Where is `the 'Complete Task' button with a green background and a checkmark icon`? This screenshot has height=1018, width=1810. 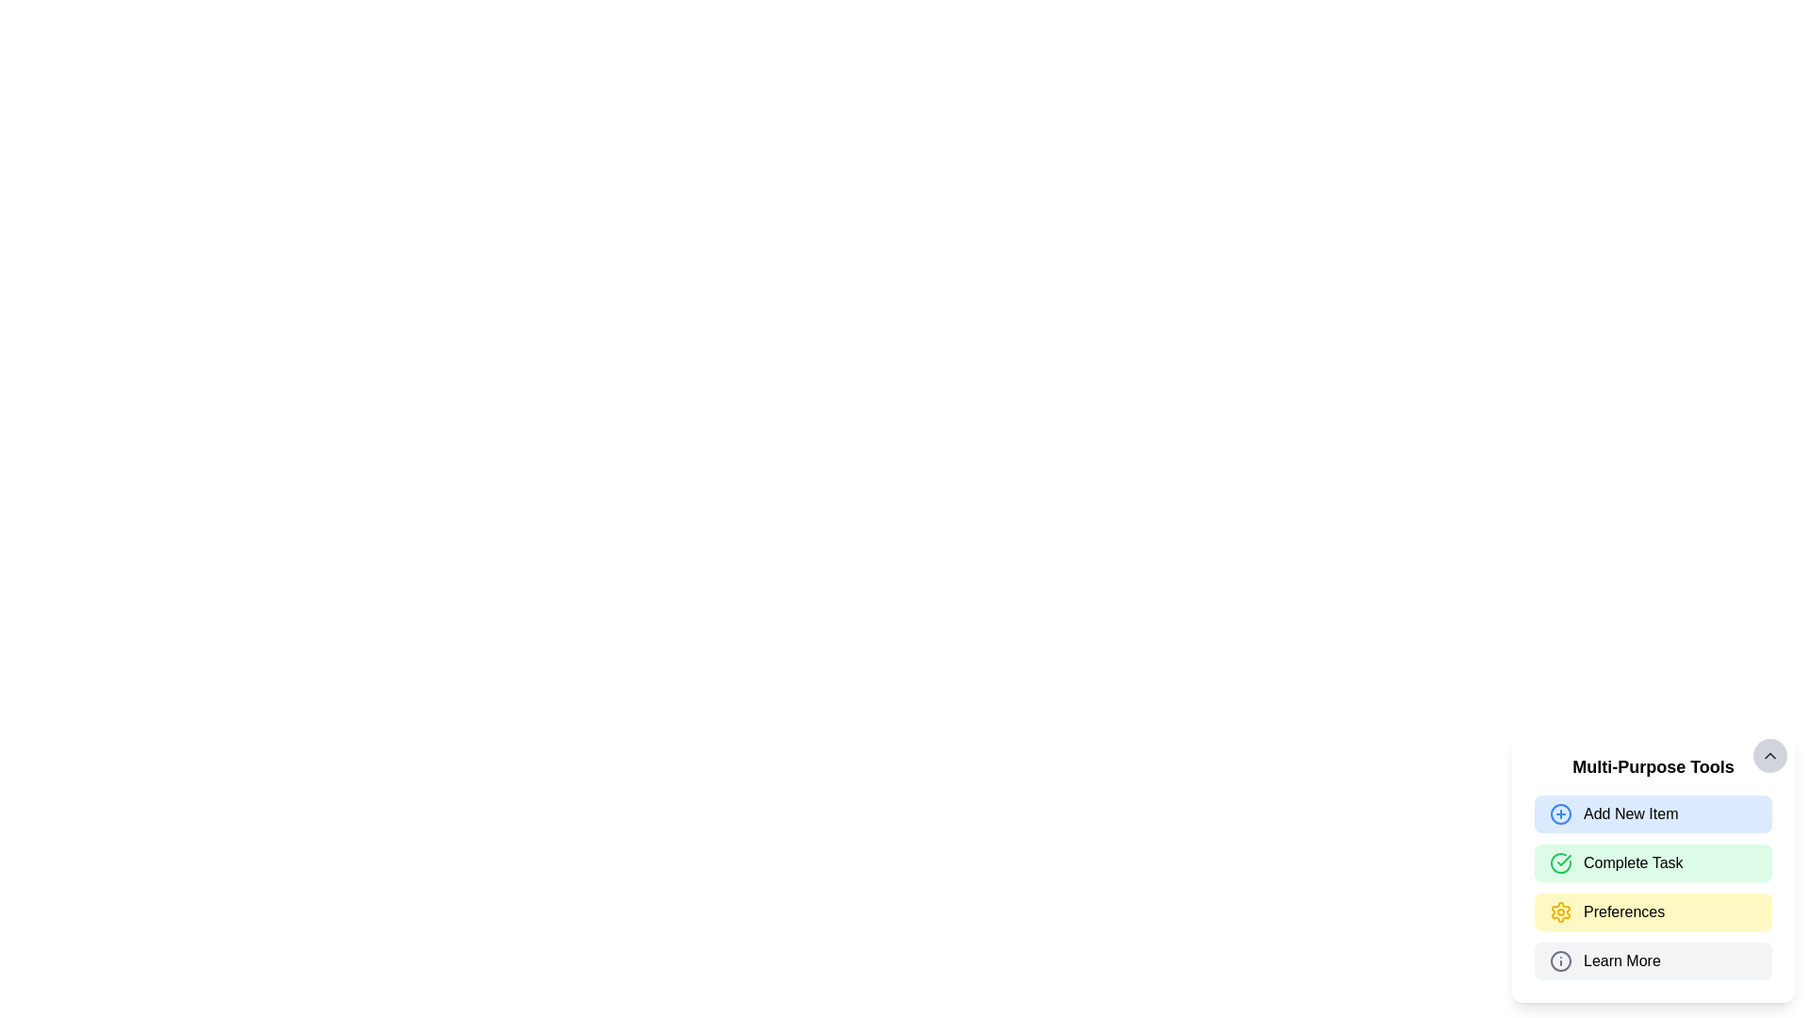
the 'Complete Task' button with a green background and a checkmark icon is located at coordinates (1652, 867).